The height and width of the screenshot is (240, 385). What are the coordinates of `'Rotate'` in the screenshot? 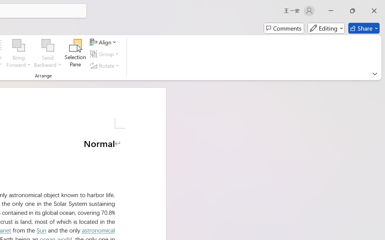 It's located at (106, 65).